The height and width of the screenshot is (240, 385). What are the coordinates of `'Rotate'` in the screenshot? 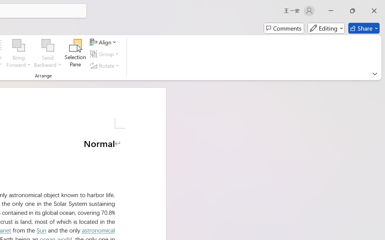 It's located at (106, 65).